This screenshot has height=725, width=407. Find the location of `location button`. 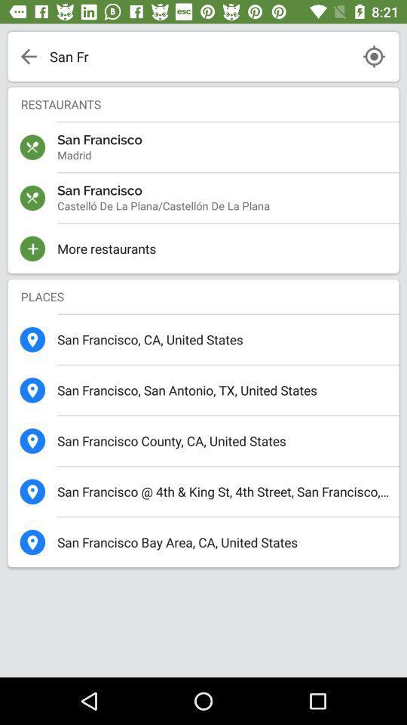

location button is located at coordinates (373, 56).